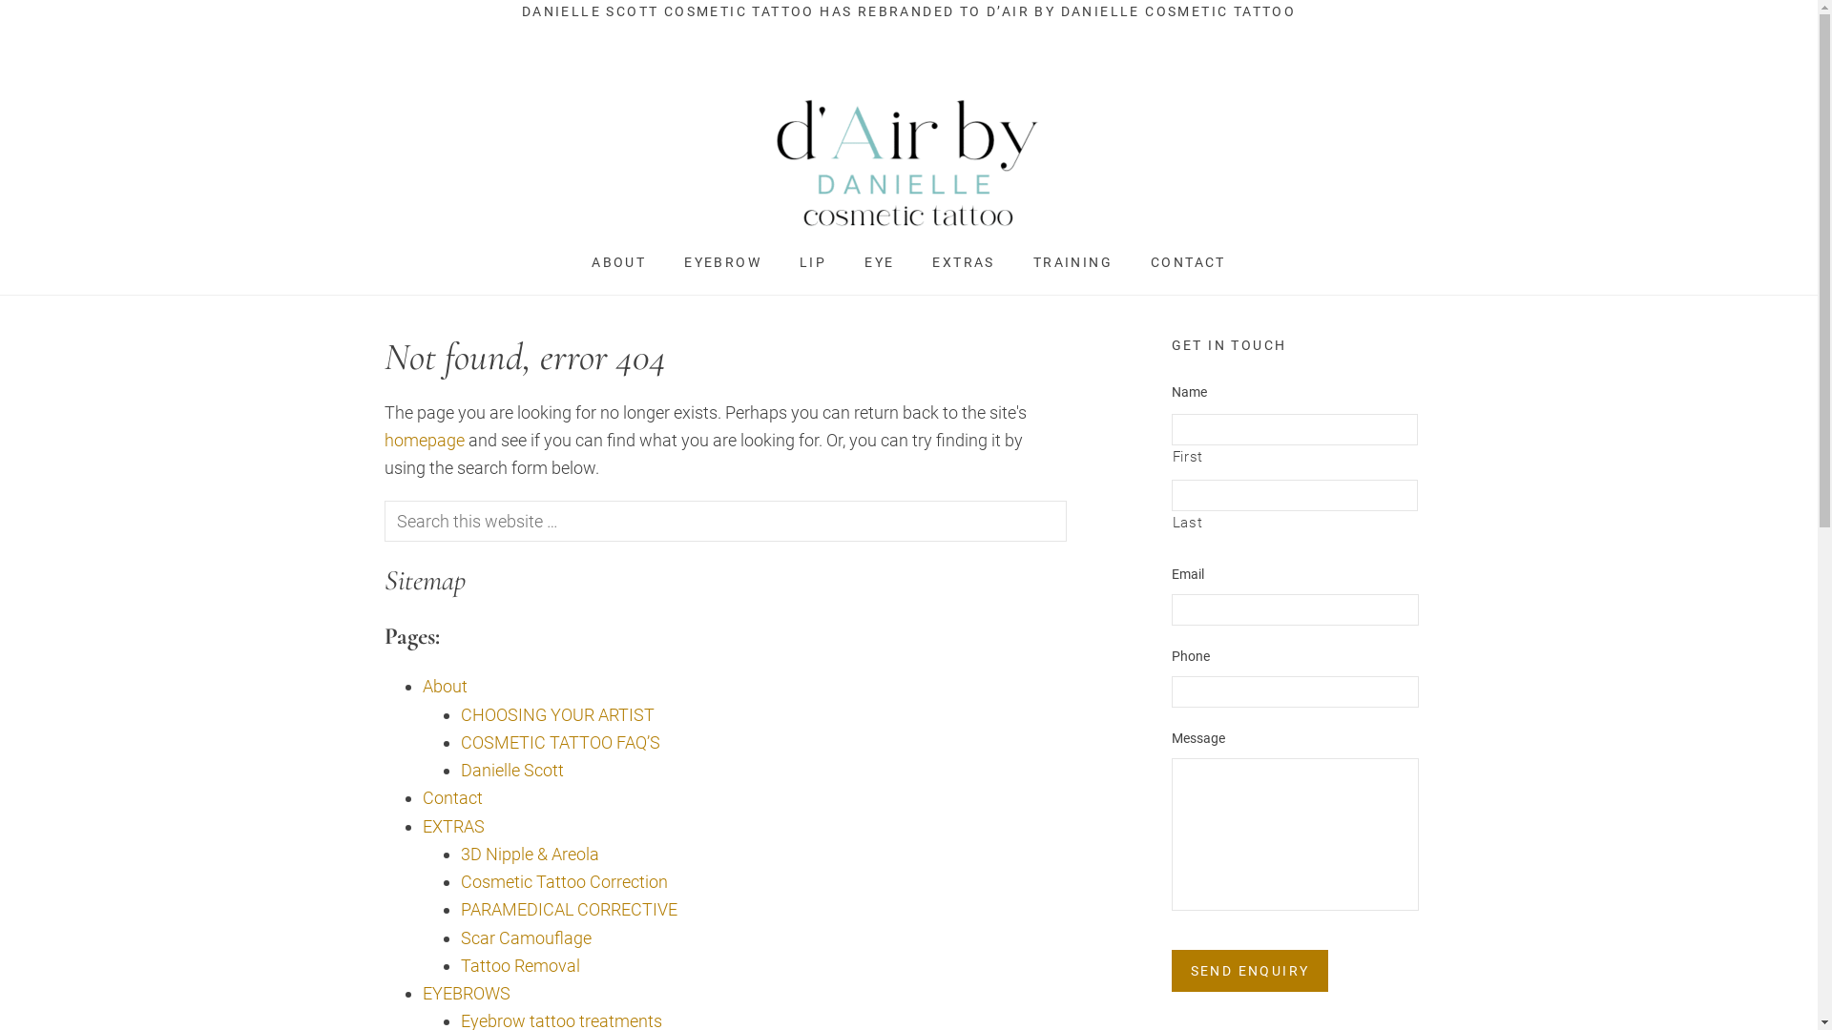 Image resolution: width=1832 pixels, height=1030 pixels. Describe the element at coordinates (562, 881) in the screenshot. I see `'Cosmetic Tattoo Correction'` at that location.